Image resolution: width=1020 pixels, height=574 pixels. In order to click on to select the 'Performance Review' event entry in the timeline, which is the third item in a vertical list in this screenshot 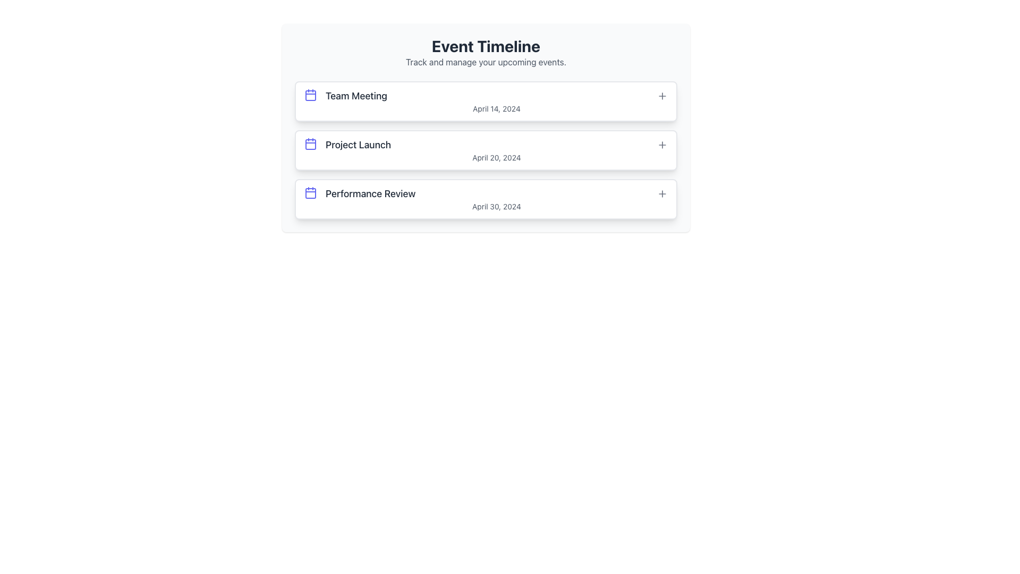, I will do `click(496, 199)`.